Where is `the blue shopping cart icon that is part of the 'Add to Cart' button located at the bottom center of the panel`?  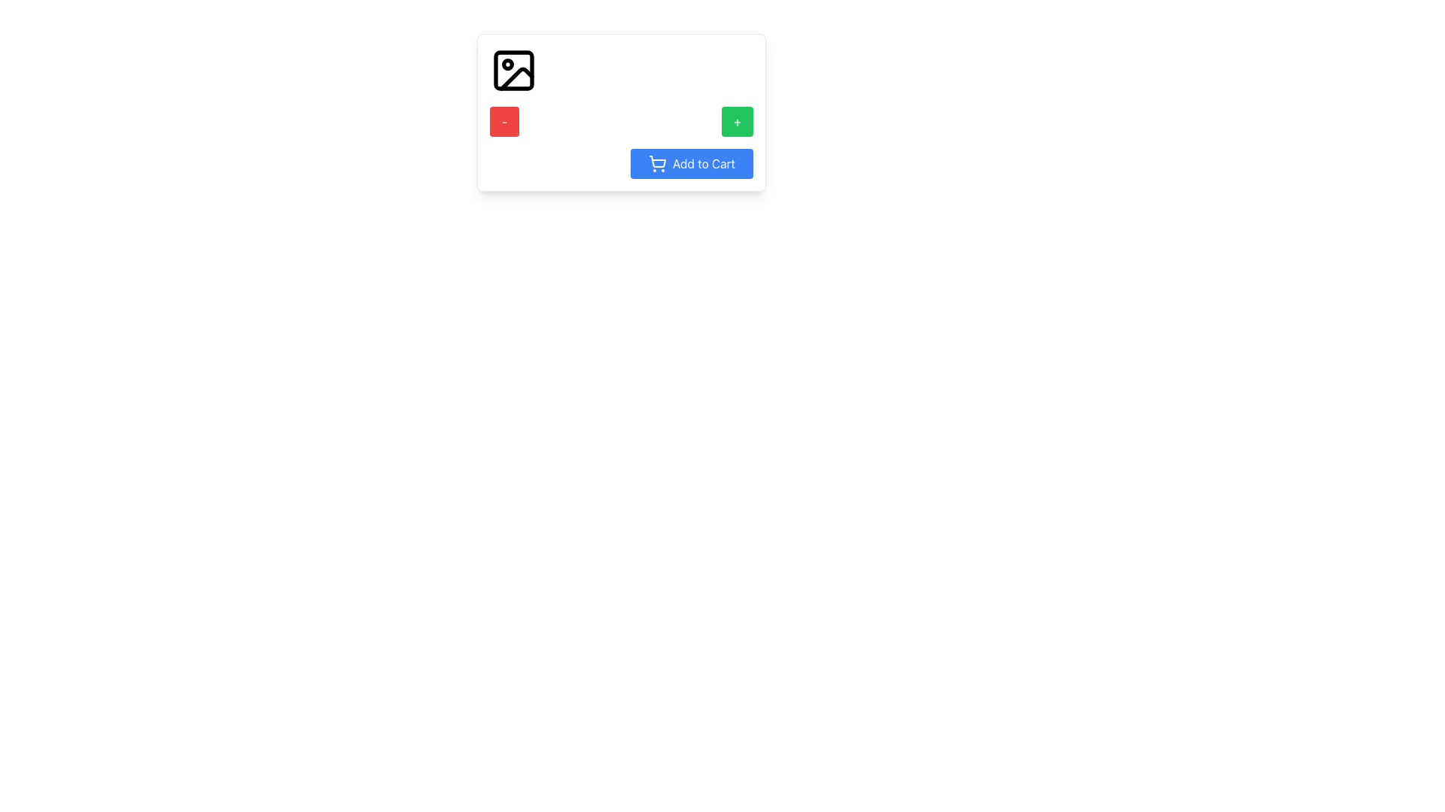 the blue shopping cart icon that is part of the 'Add to Cart' button located at the bottom center of the panel is located at coordinates (657, 162).